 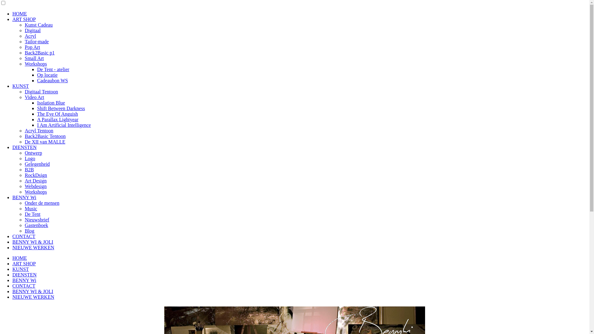 What do you see at coordinates (47, 75) in the screenshot?
I see `'Op locatie'` at bounding box center [47, 75].